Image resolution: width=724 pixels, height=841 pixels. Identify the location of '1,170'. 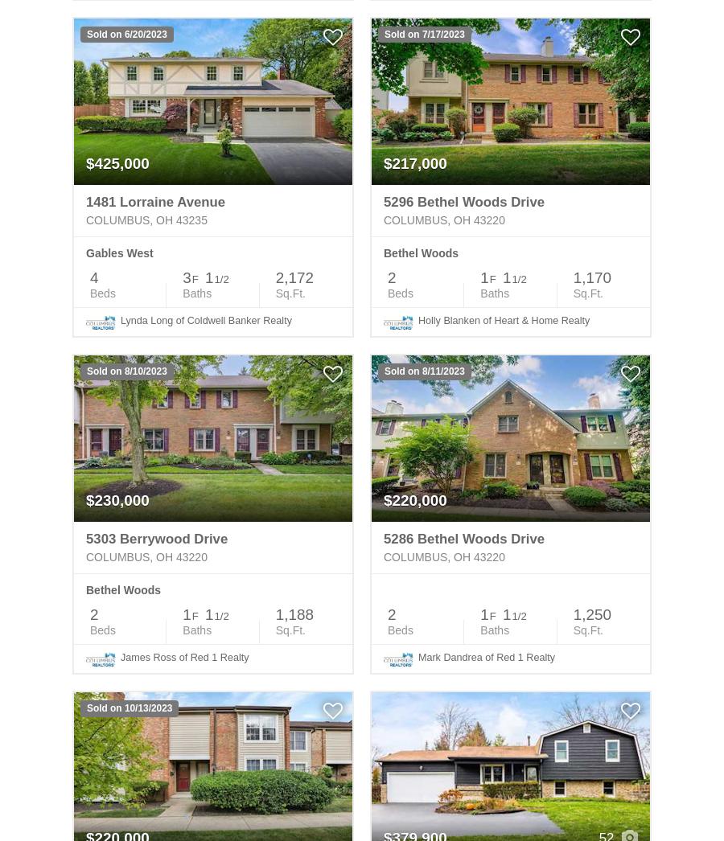
(571, 277).